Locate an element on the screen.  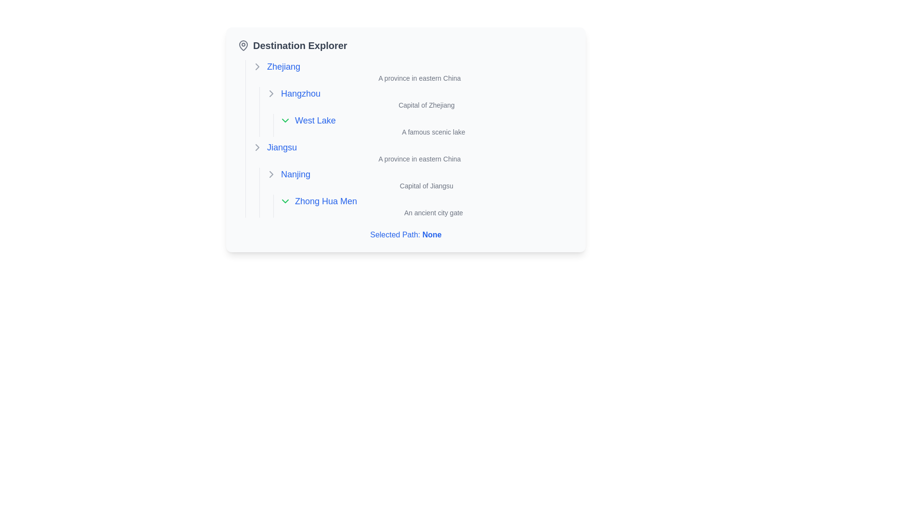
the map pin icon, which is a hollow vector graphic resembling a location marker, located to the left of the 'Destination Explorer' heading in the Destination Explorer section is located at coordinates (243, 45).